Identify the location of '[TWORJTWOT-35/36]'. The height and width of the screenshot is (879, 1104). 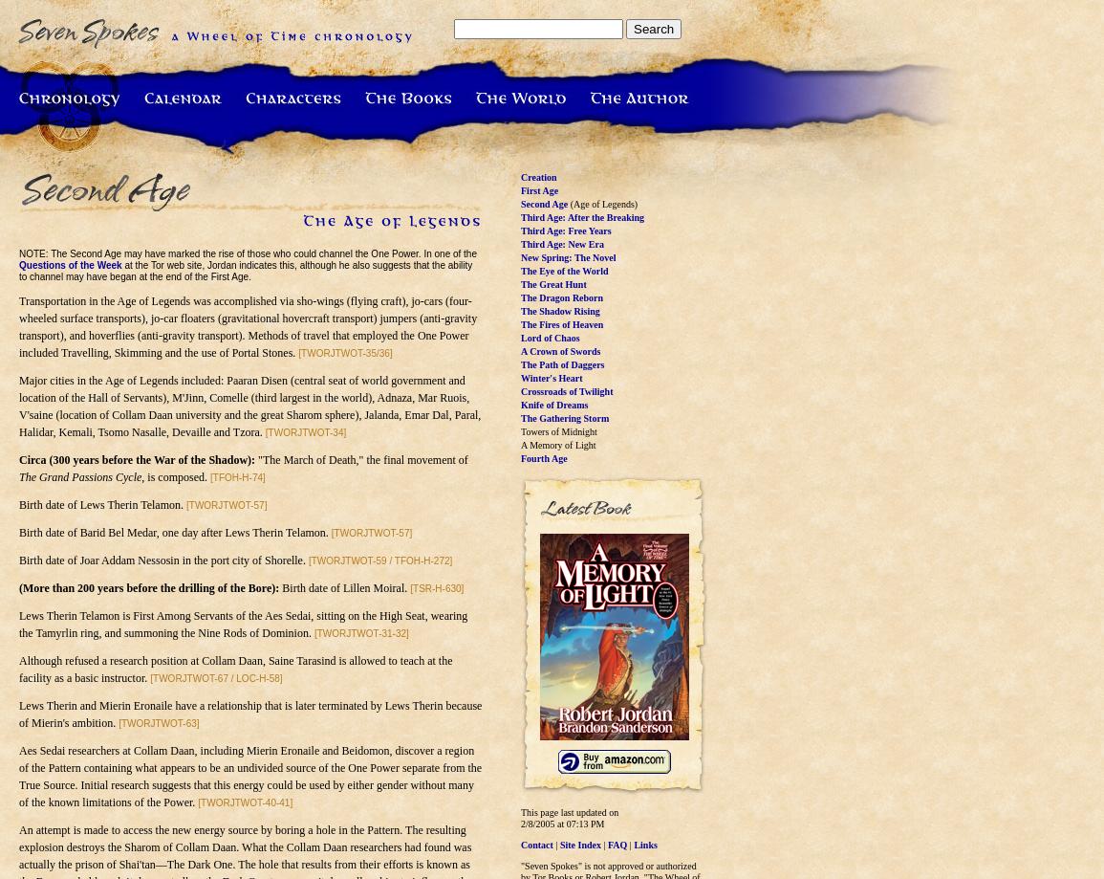
(297, 353).